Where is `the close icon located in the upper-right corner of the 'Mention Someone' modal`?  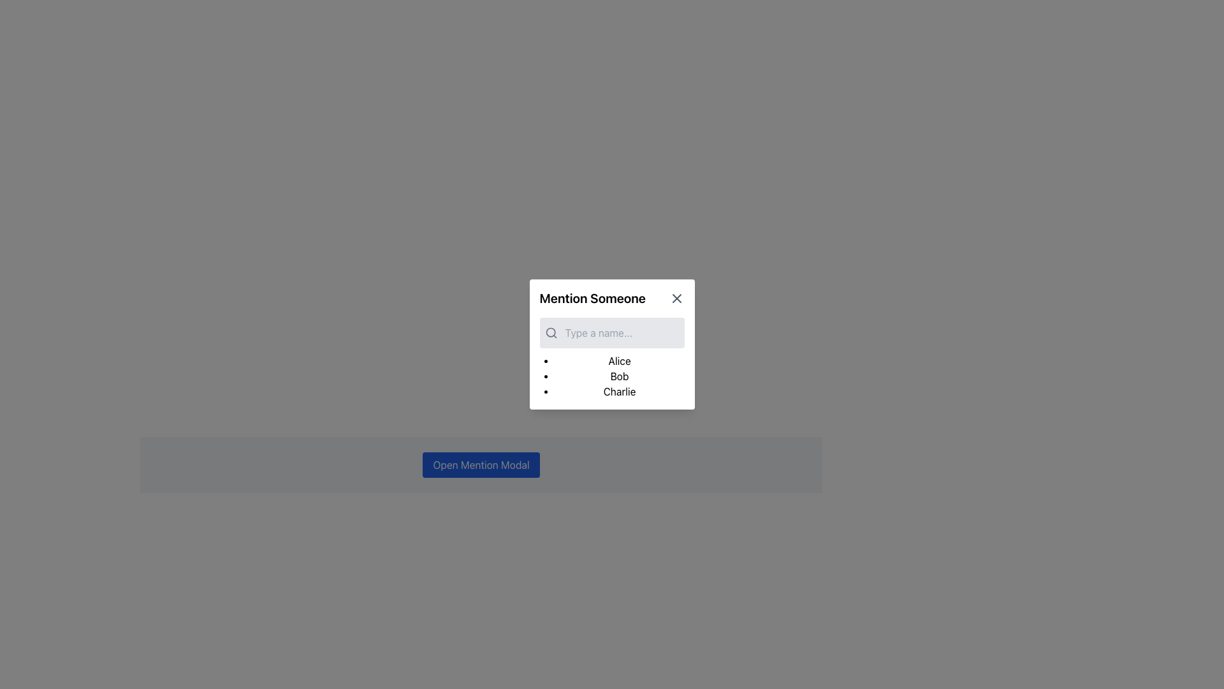
the close icon located in the upper-right corner of the 'Mention Someone' modal is located at coordinates (676, 298).